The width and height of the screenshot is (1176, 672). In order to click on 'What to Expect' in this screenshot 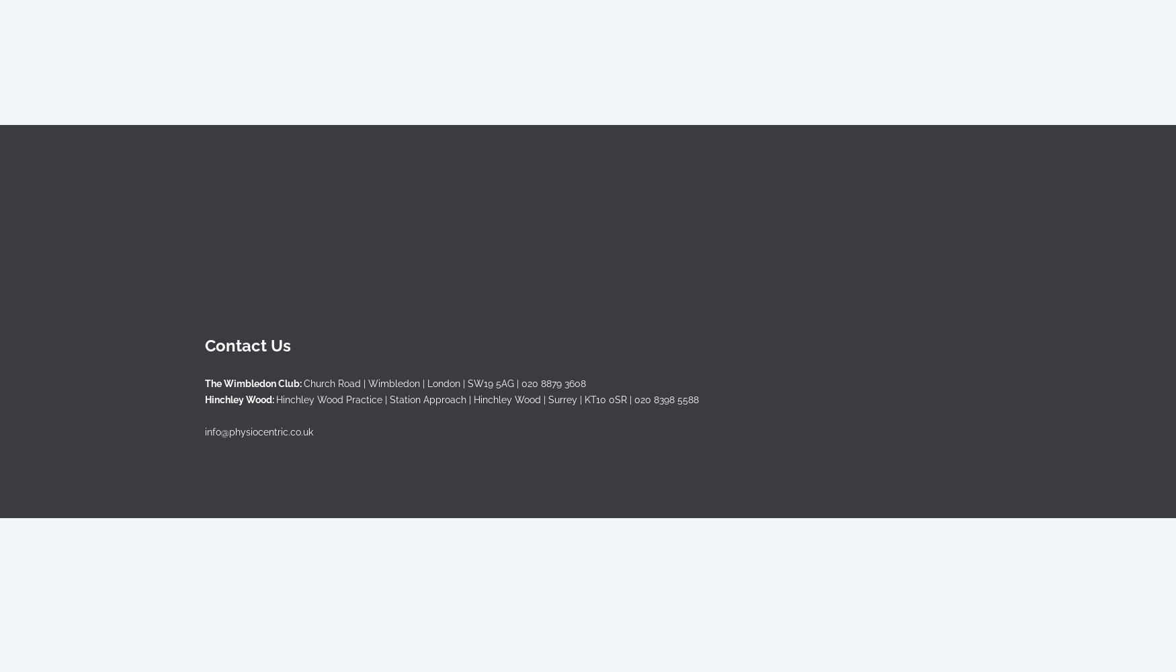, I will do `click(466, 268)`.